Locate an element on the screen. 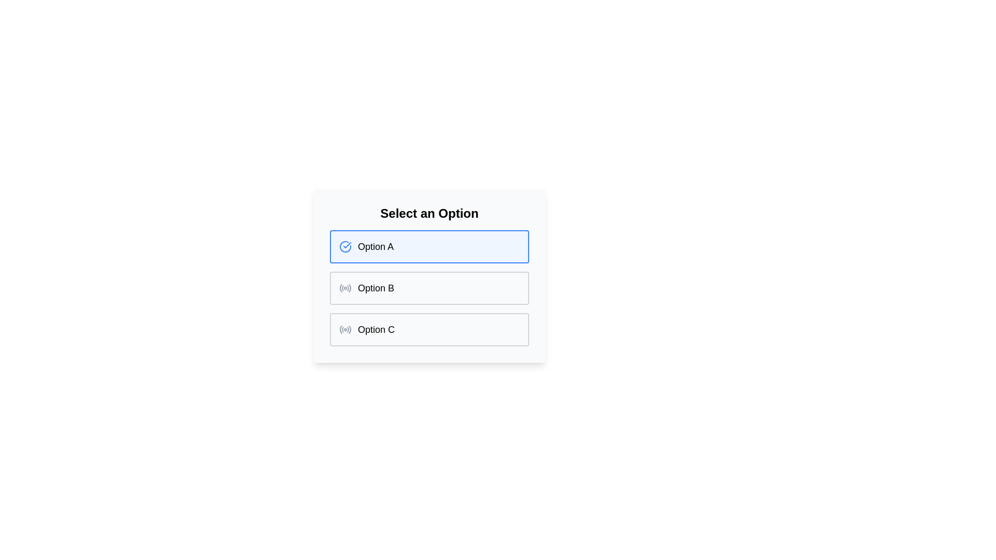  the 'Option C' radio button is located at coordinates (430, 330).